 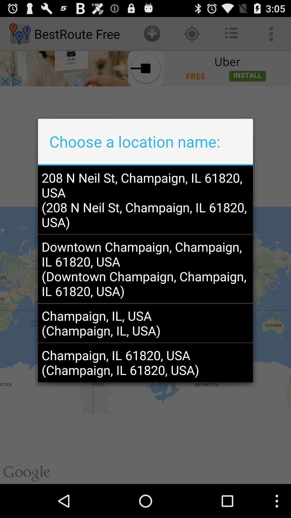 I want to click on item above downtown champaign champaign, so click(x=145, y=199).